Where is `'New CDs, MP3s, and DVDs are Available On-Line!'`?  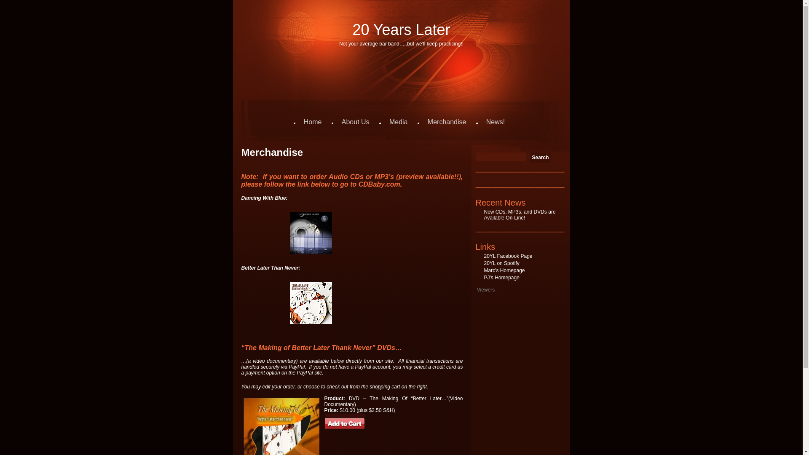
'New CDs, MP3s, and DVDs are Available On-Line!' is located at coordinates (519, 214).